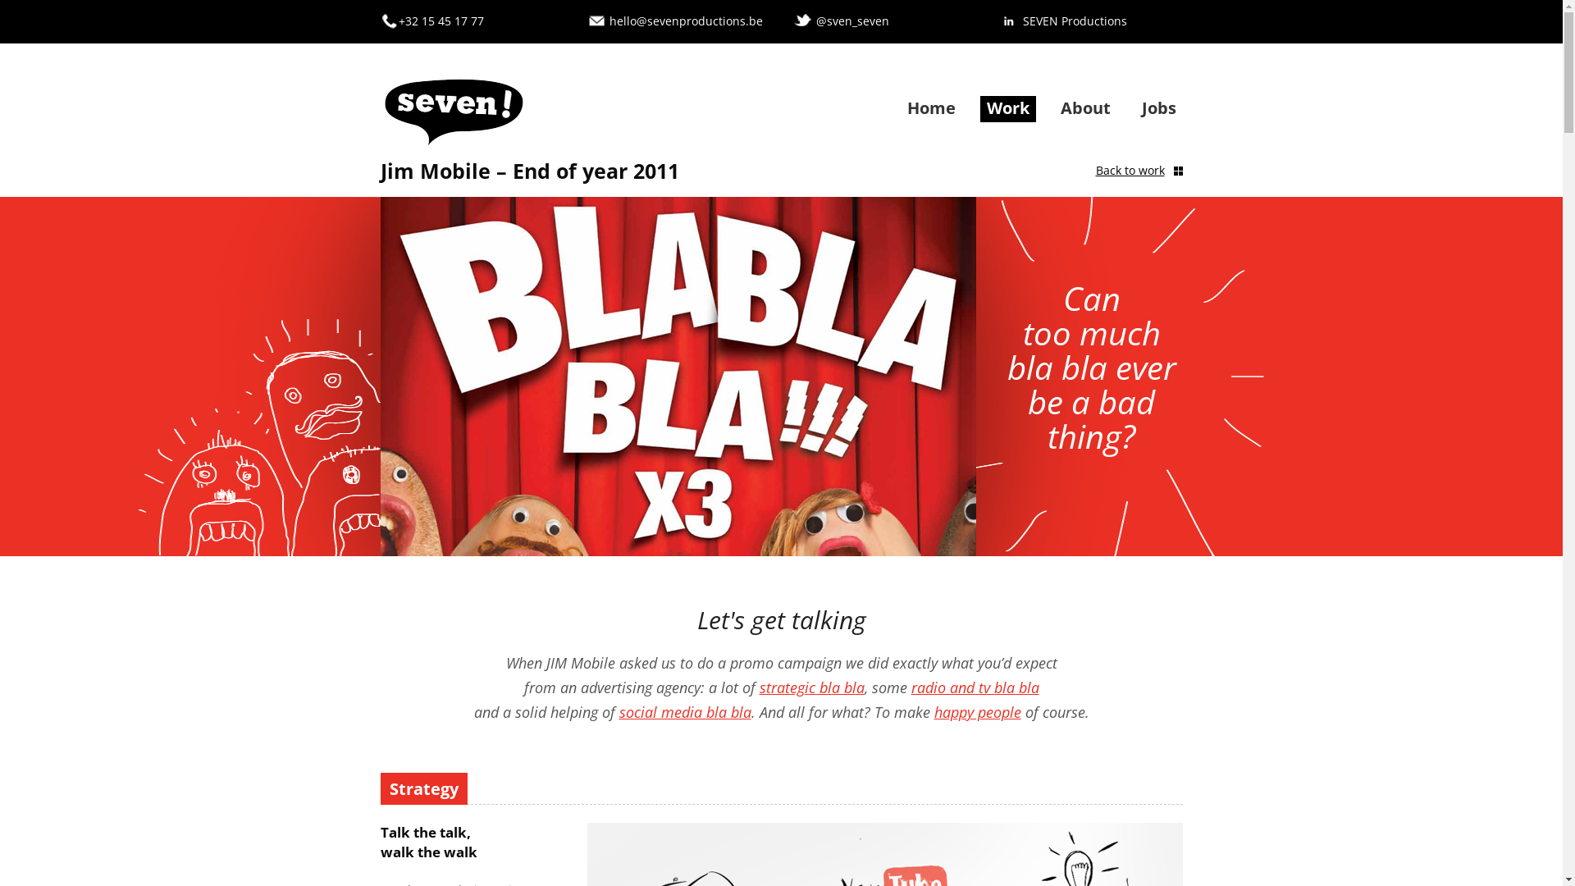 This screenshot has height=886, width=1575. I want to click on 'happy people', so click(976, 710).